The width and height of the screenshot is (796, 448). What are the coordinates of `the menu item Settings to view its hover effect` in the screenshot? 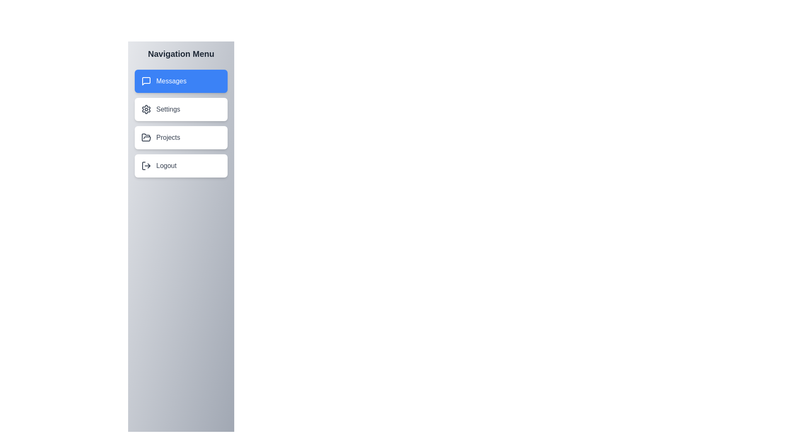 It's located at (180, 109).